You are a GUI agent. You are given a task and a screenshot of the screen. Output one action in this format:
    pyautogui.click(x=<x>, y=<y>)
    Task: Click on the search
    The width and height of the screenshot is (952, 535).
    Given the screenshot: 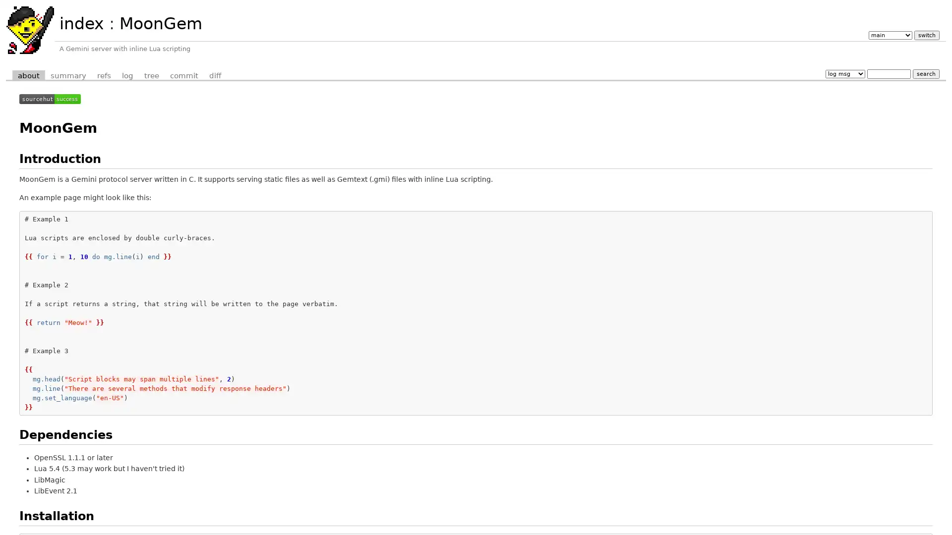 What is the action you would take?
    pyautogui.click(x=925, y=73)
    